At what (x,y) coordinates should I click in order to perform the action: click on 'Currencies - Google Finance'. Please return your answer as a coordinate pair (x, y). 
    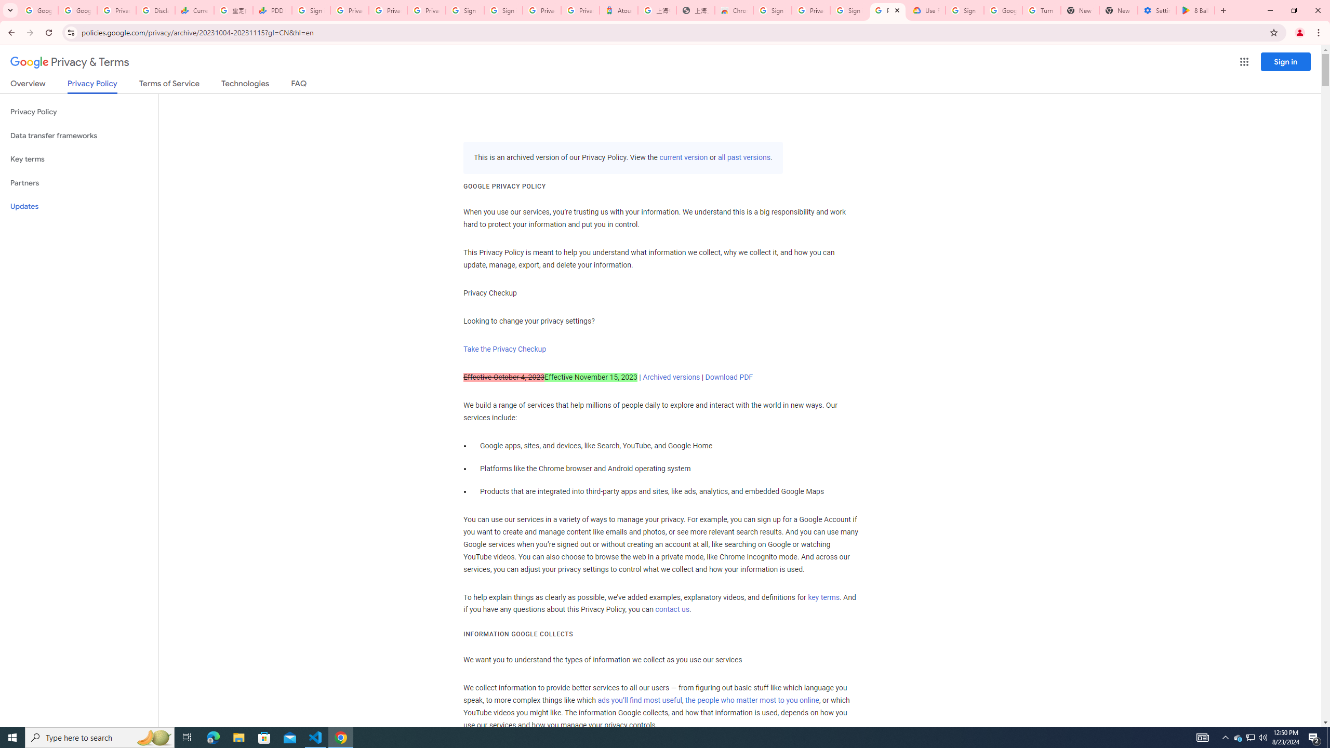
    Looking at the image, I should click on (193, 10).